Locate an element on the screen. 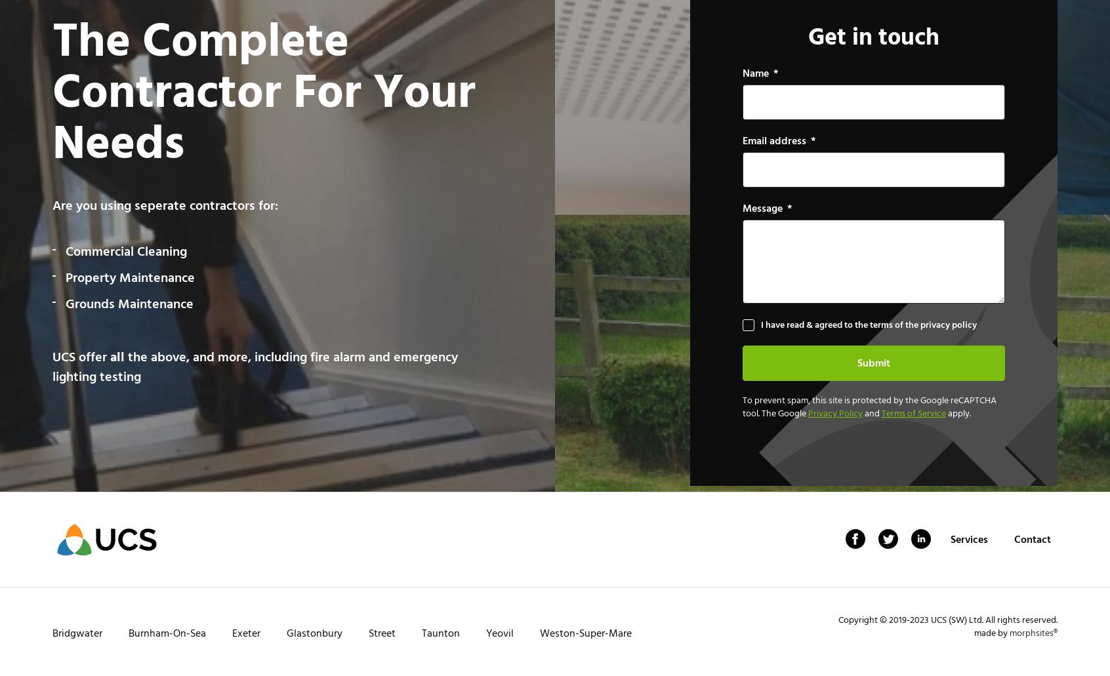  'Get in touch' is located at coordinates (808, 36).